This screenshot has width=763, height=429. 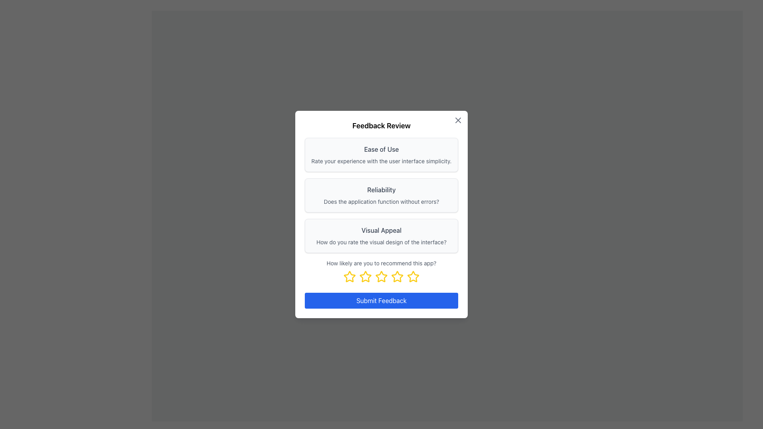 What do you see at coordinates (413, 276) in the screenshot?
I see `the fifth yellow outlined star in the rating interface` at bounding box center [413, 276].